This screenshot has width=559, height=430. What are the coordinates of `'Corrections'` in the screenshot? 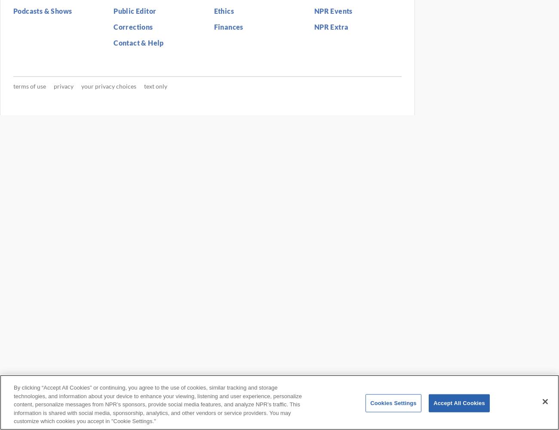 It's located at (113, 27).